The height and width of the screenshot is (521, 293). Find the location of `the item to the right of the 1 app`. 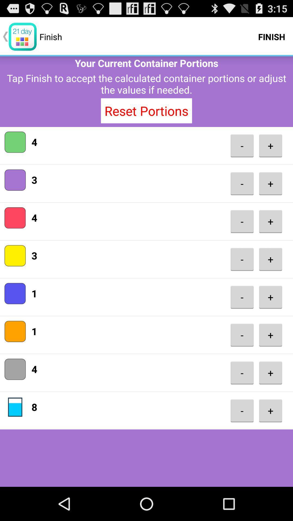

the item to the right of the 1 app is located at coordinates (242, 297).